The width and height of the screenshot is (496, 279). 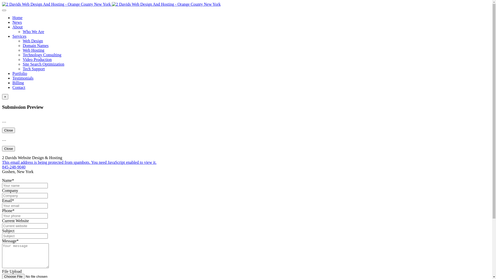 I want to click on 'Billing', so click(x=18, y=82).